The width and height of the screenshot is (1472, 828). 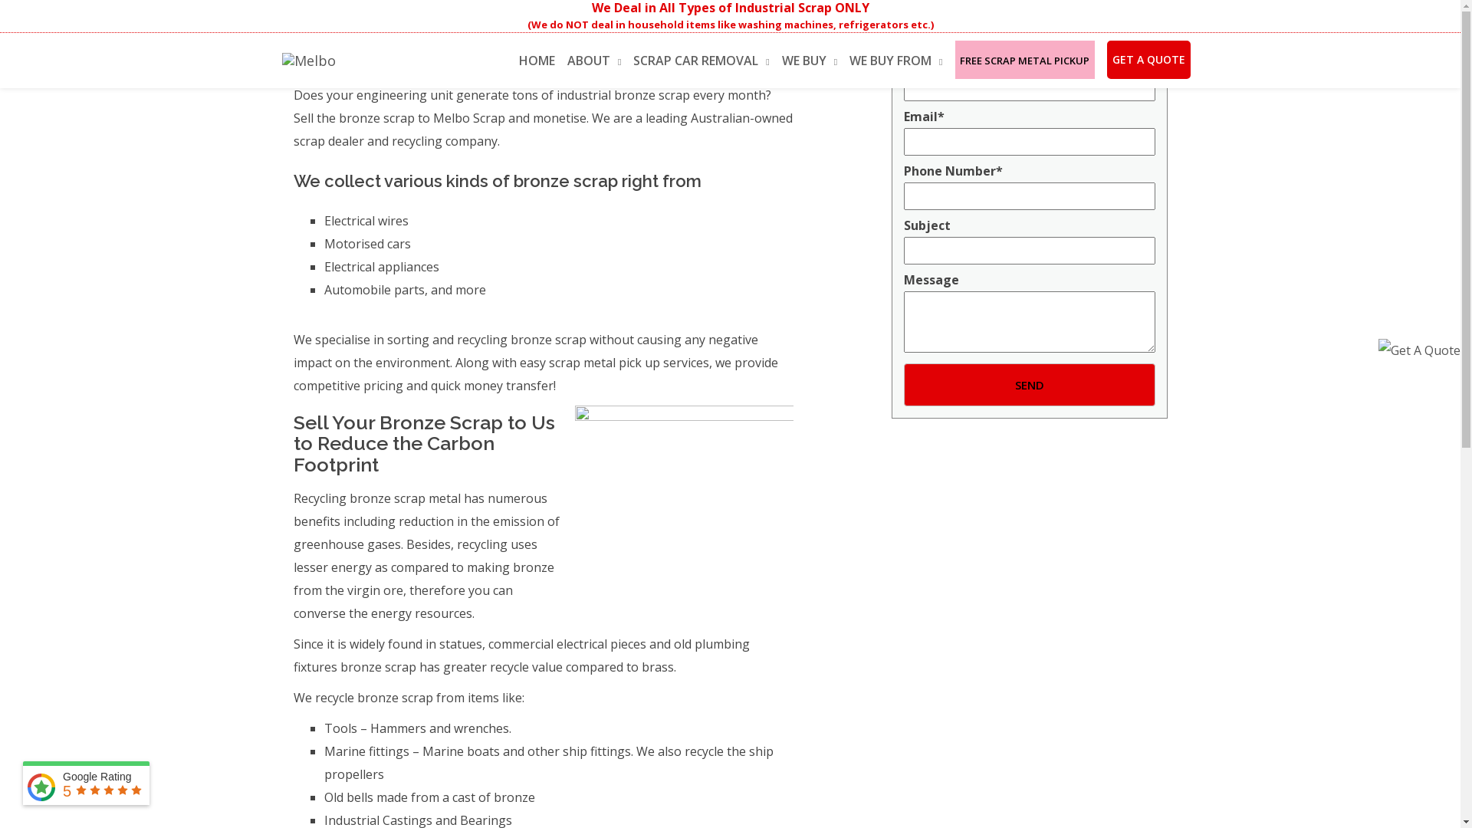 I want to click on 'WE BUY', so click(x=809, y=58).